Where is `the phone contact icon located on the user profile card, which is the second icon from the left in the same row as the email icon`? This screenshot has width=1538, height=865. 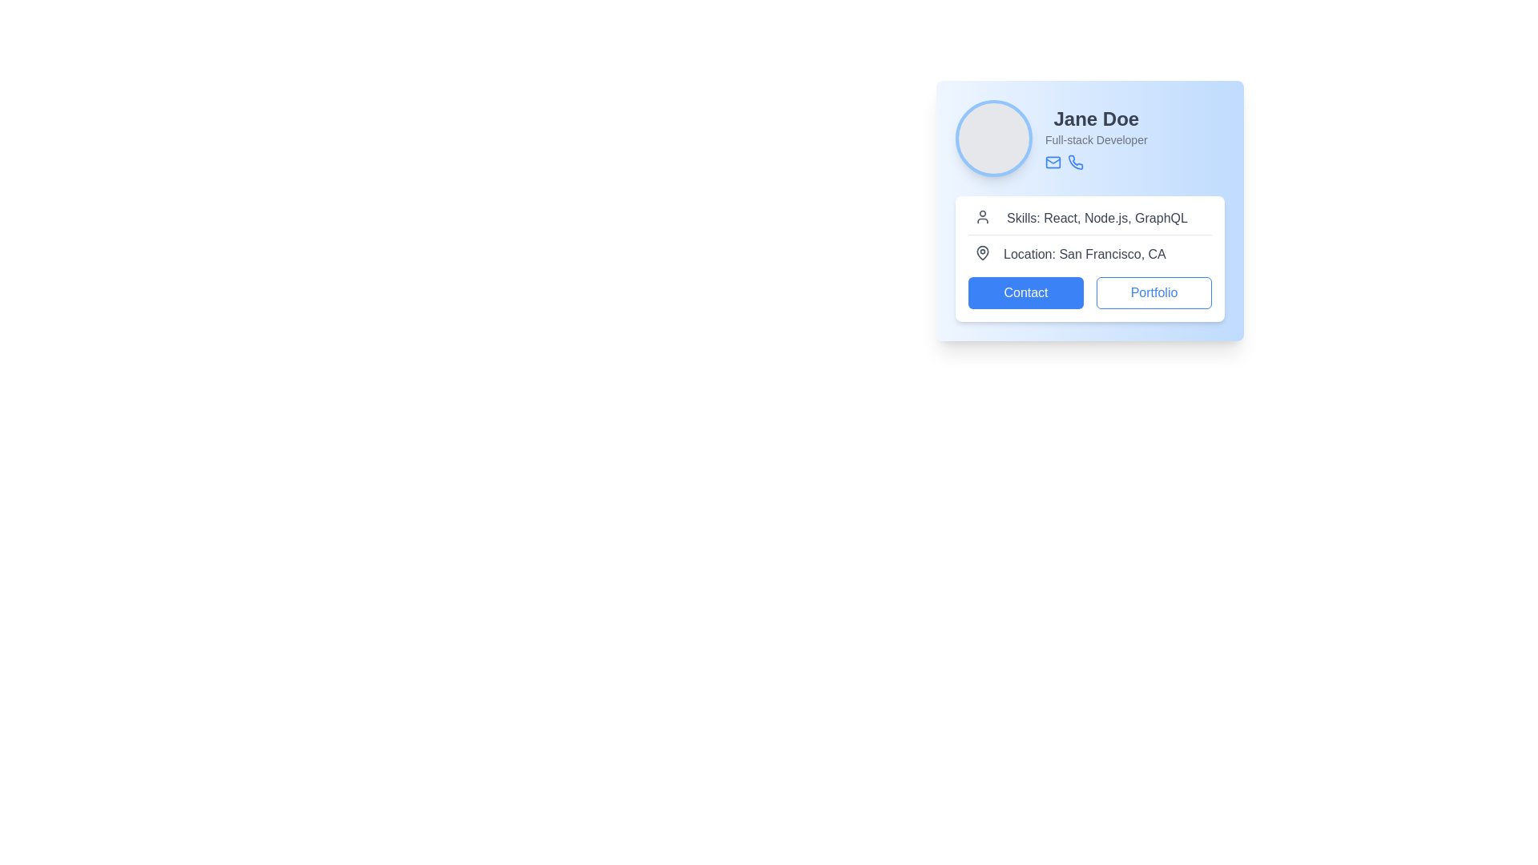 the phone contact icon located on the user profile card, which is the second icon from the left in the same row as the email icon is located at coordinates (1076, 163).